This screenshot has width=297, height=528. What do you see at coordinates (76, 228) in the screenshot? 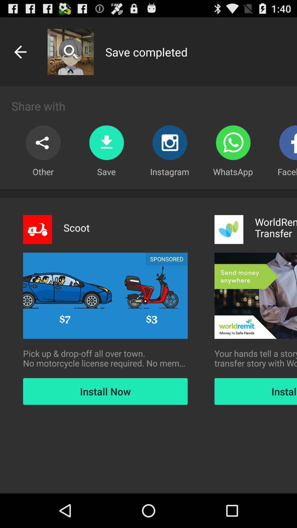
I see `scoot app` at bounding box center [76, 228].